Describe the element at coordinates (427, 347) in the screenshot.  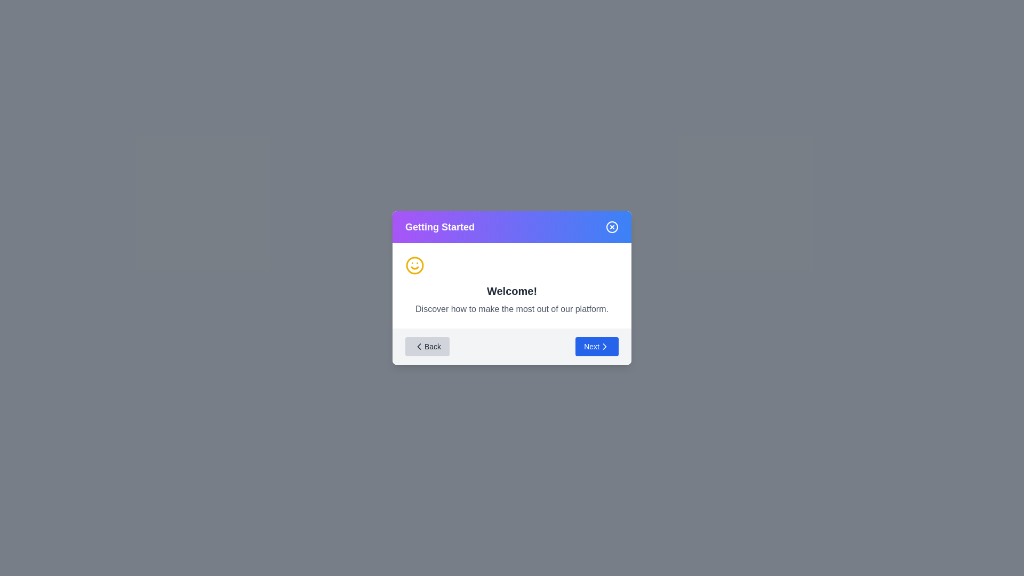
I see `the 'Back' button with a light gray background and darker gray text, located in the bottom-left corner of the modal dialog` at that location.